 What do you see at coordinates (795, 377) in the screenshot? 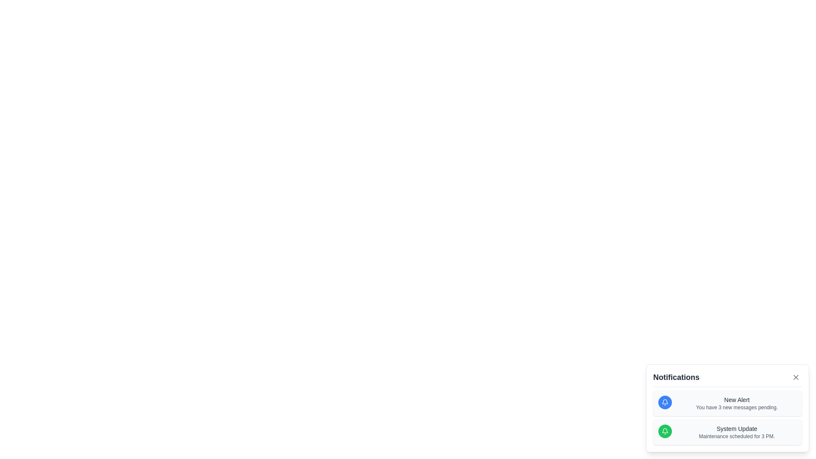
I see `the close button located in the top-right corner of the notifications panel header marked by the title 'Notifications'` at bounding box center [795, 377].